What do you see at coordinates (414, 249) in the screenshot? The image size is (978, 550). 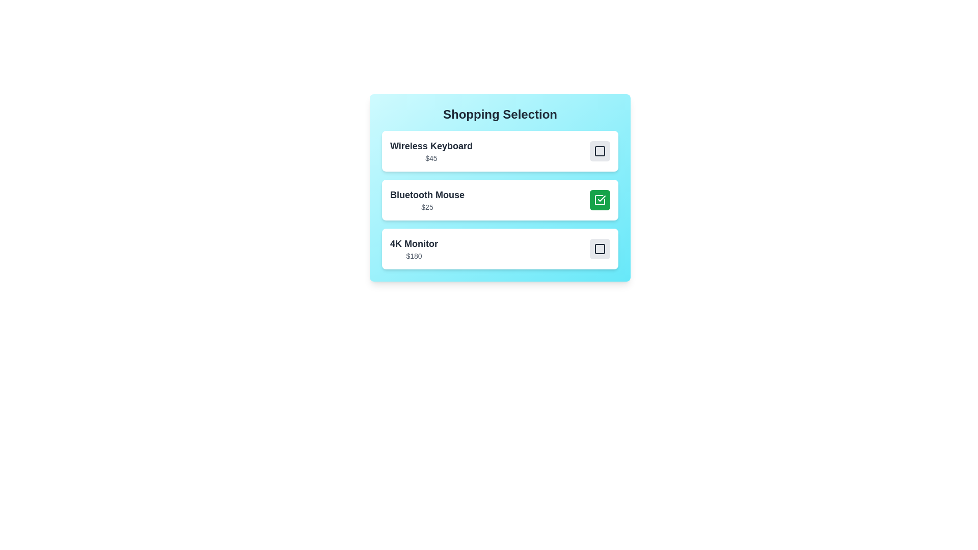 I see `displayed text from the Text Label that shows the price of a product located in the third section of the card within the shopping interface` at bounding box center [414, 249].